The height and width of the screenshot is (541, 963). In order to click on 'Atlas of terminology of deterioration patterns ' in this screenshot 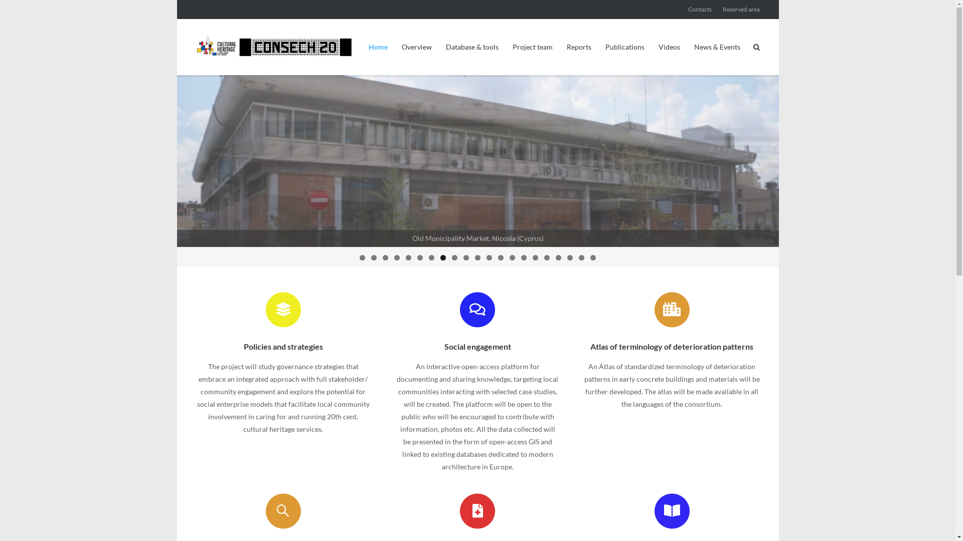, I will do `click(672, 309)`.